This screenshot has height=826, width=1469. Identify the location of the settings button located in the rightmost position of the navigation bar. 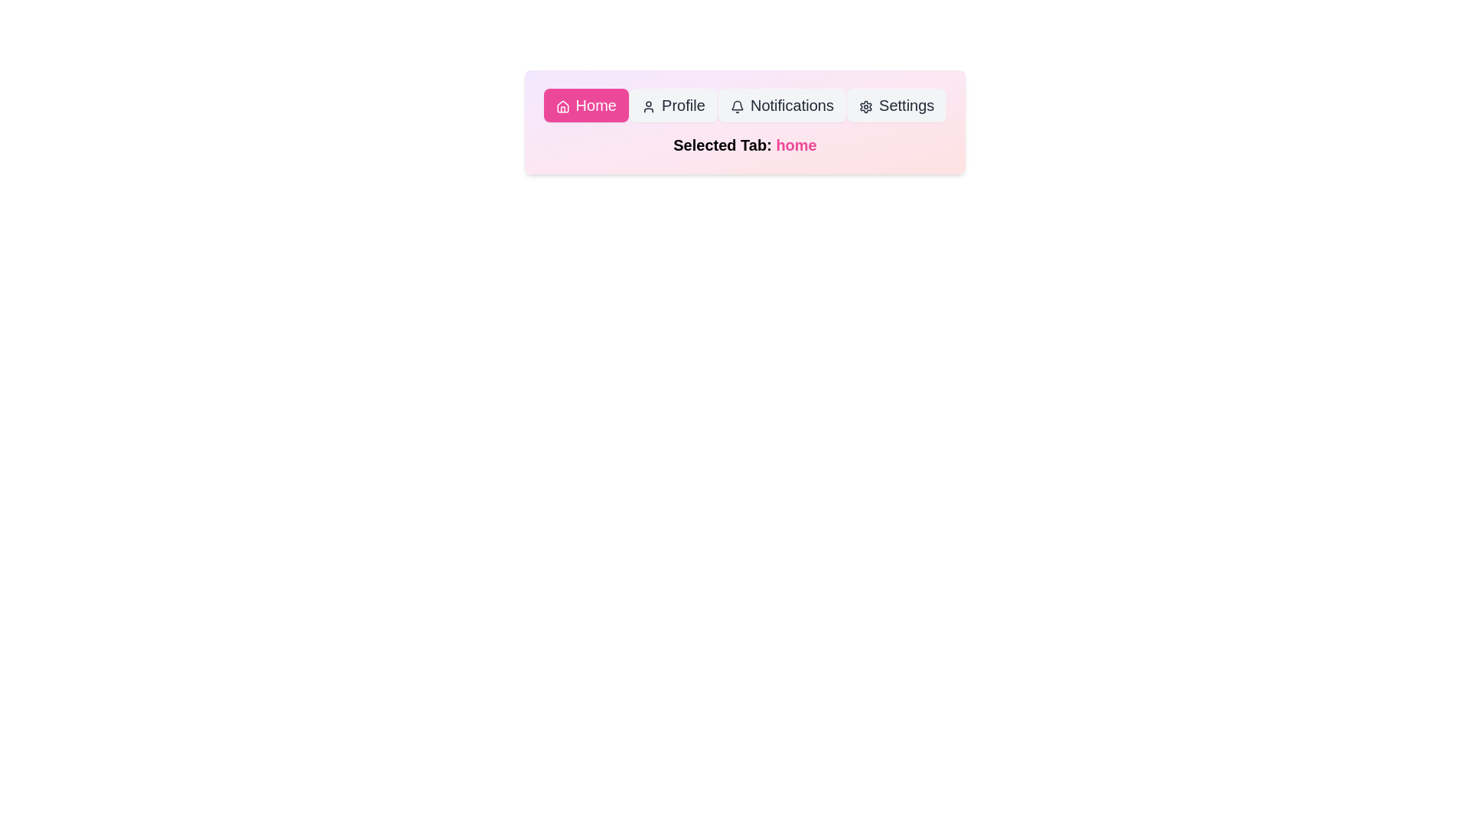
(897, 105).